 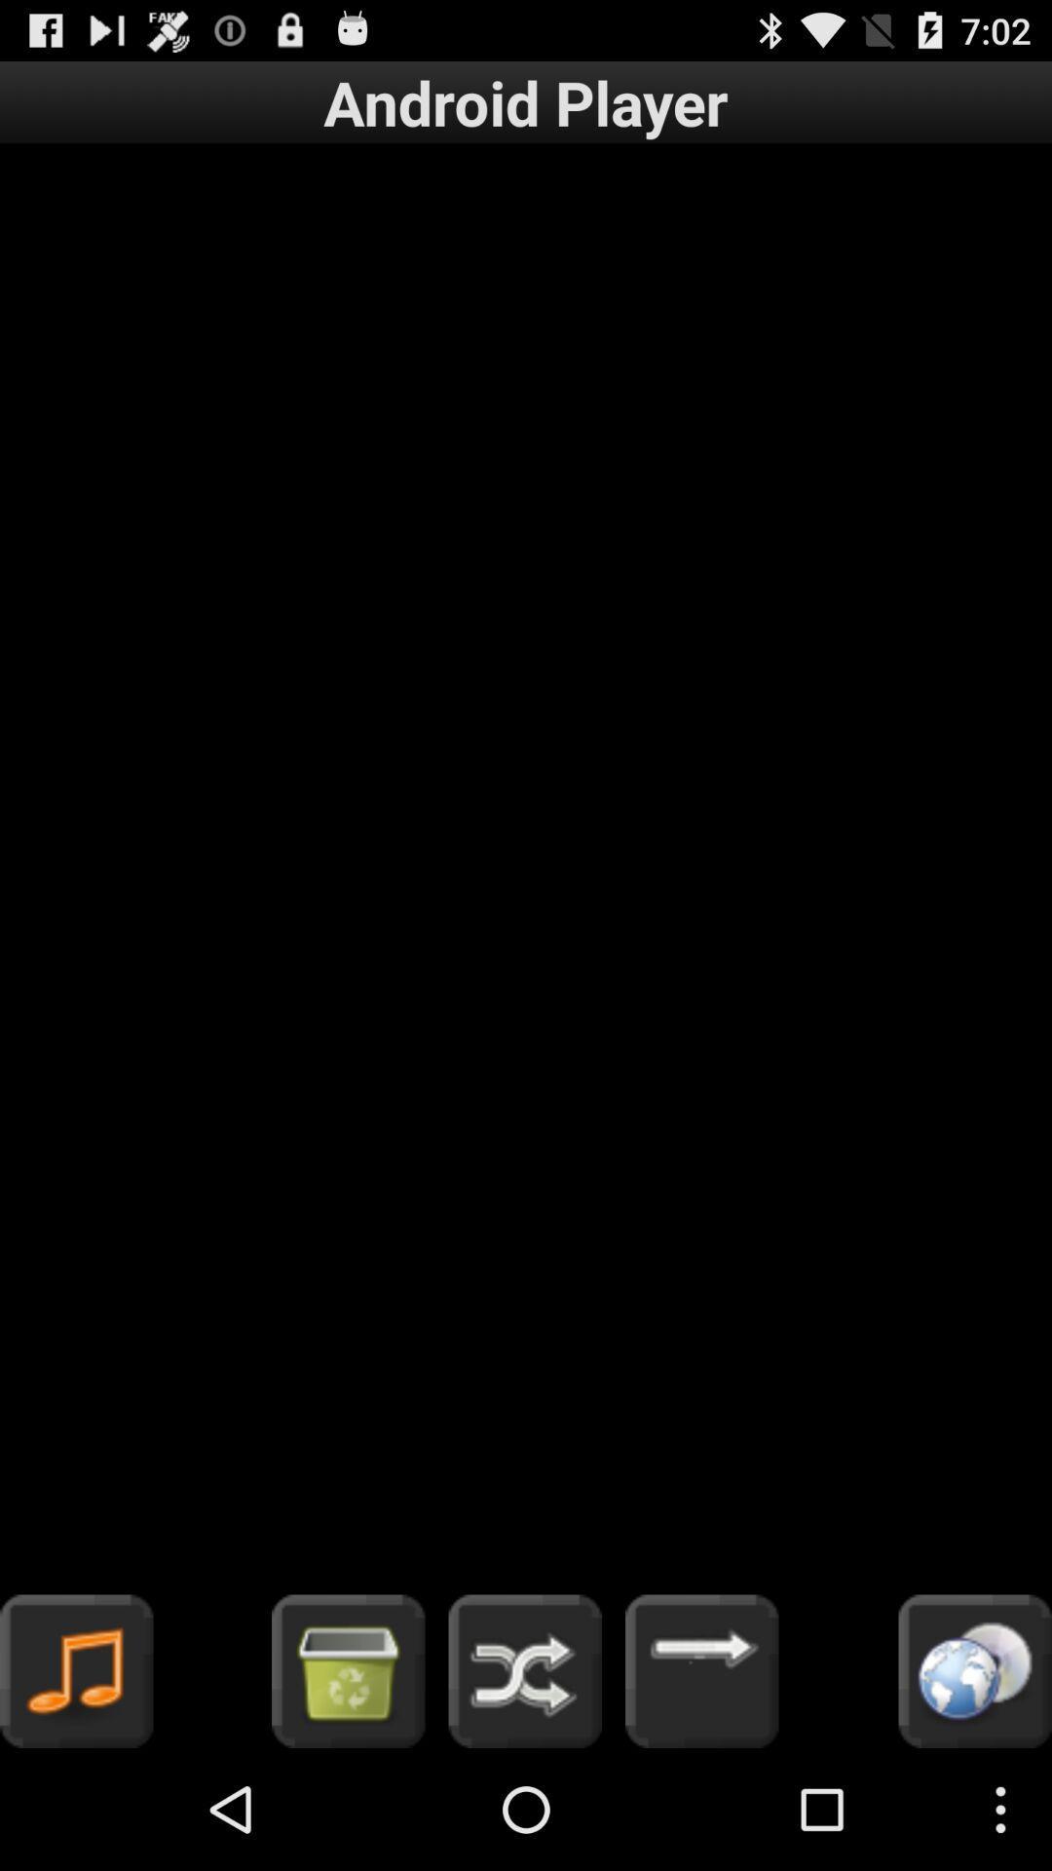 I want to click on the android player icon, so click(x=526, y=101).